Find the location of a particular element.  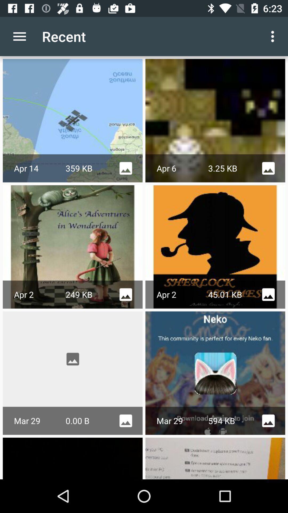

item to the right of recent icon is located at coordinates (274, 36).